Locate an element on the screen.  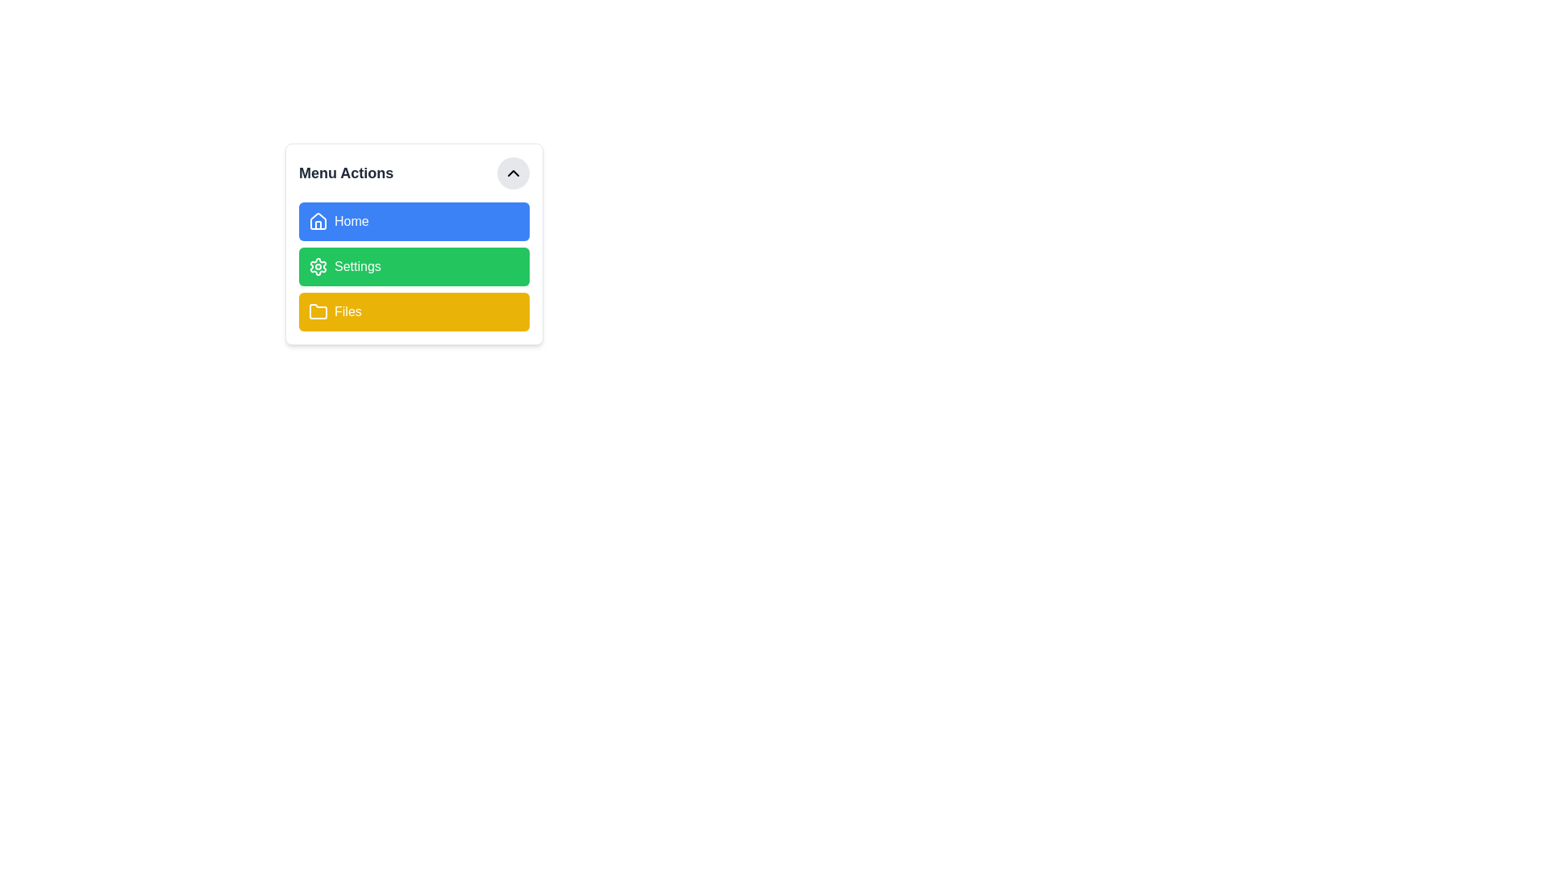
the 'Home' button icon which contains the house representation, as it is non-interactive is located at coordinates (318, 225).